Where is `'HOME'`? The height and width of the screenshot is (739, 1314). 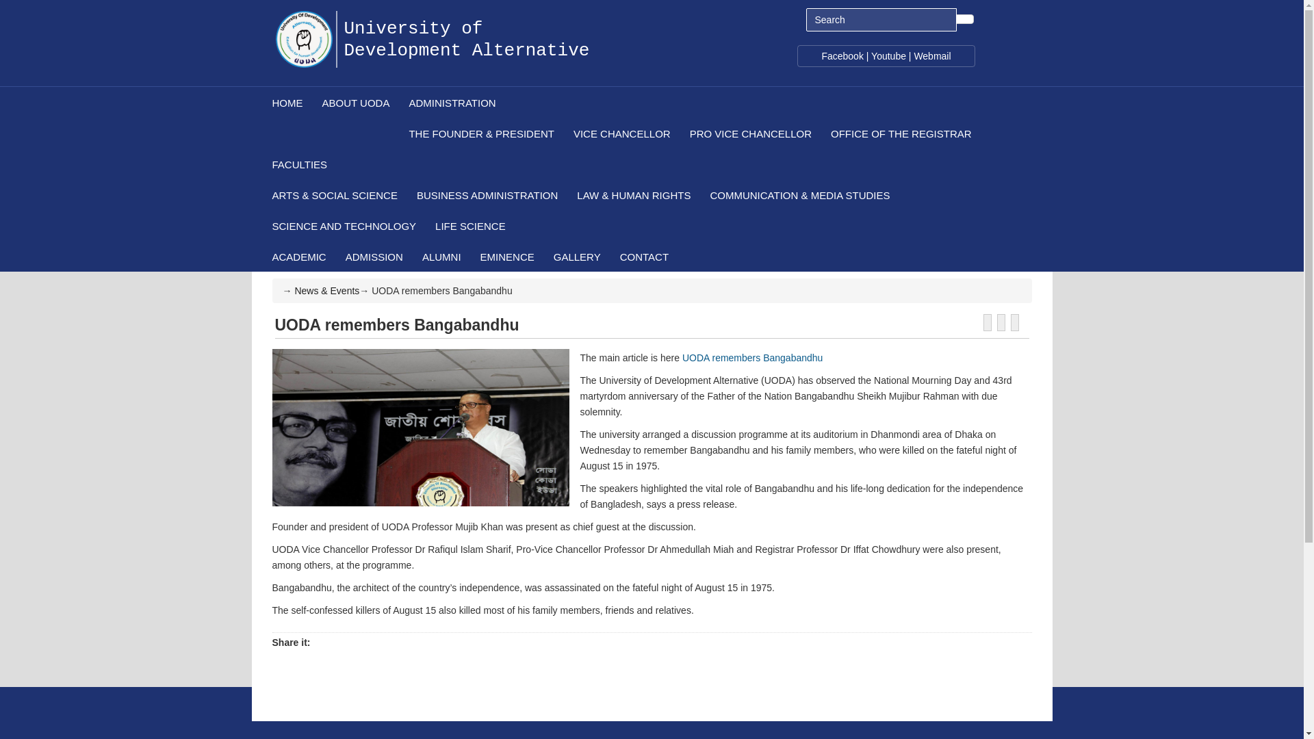
'HOME' is located at coordinates (285, 101).